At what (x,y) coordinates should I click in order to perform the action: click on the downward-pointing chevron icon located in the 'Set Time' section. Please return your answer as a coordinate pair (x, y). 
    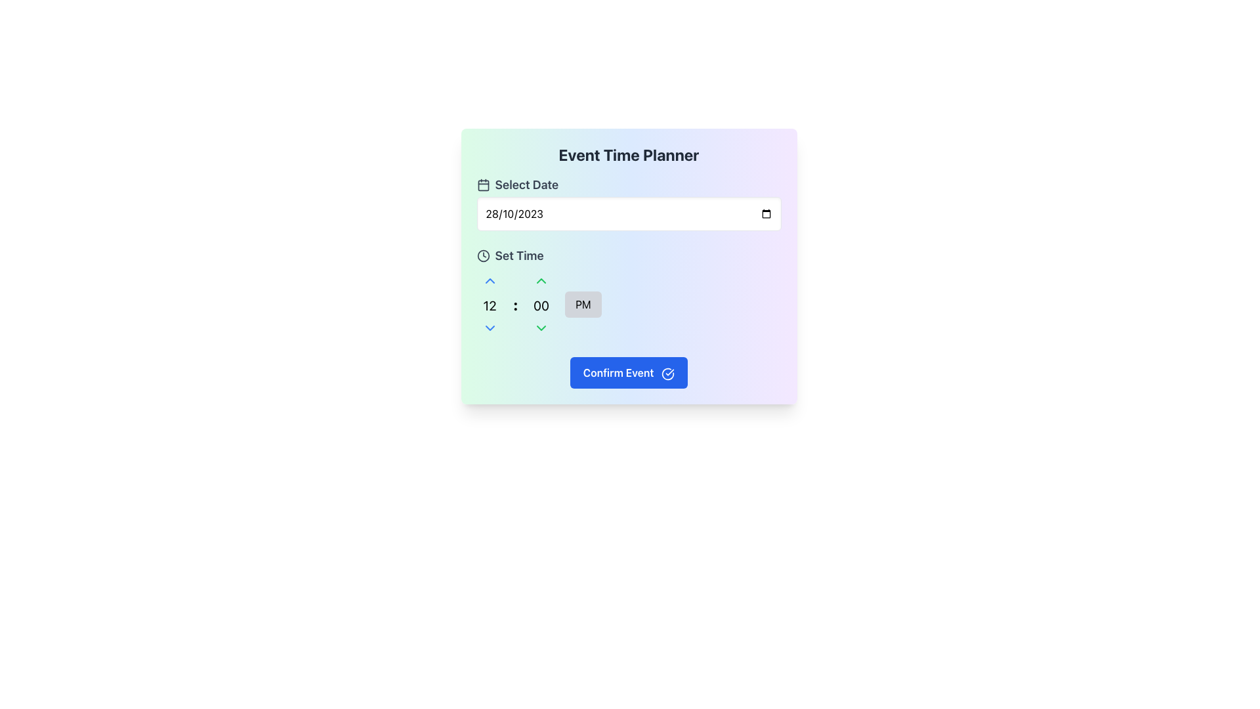
    Looking at the image, I should click on (489, 328).